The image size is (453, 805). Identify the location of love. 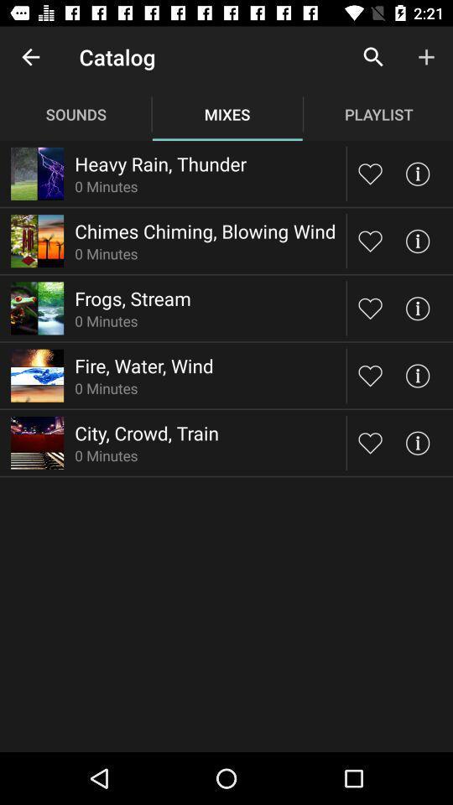
(370, 442).